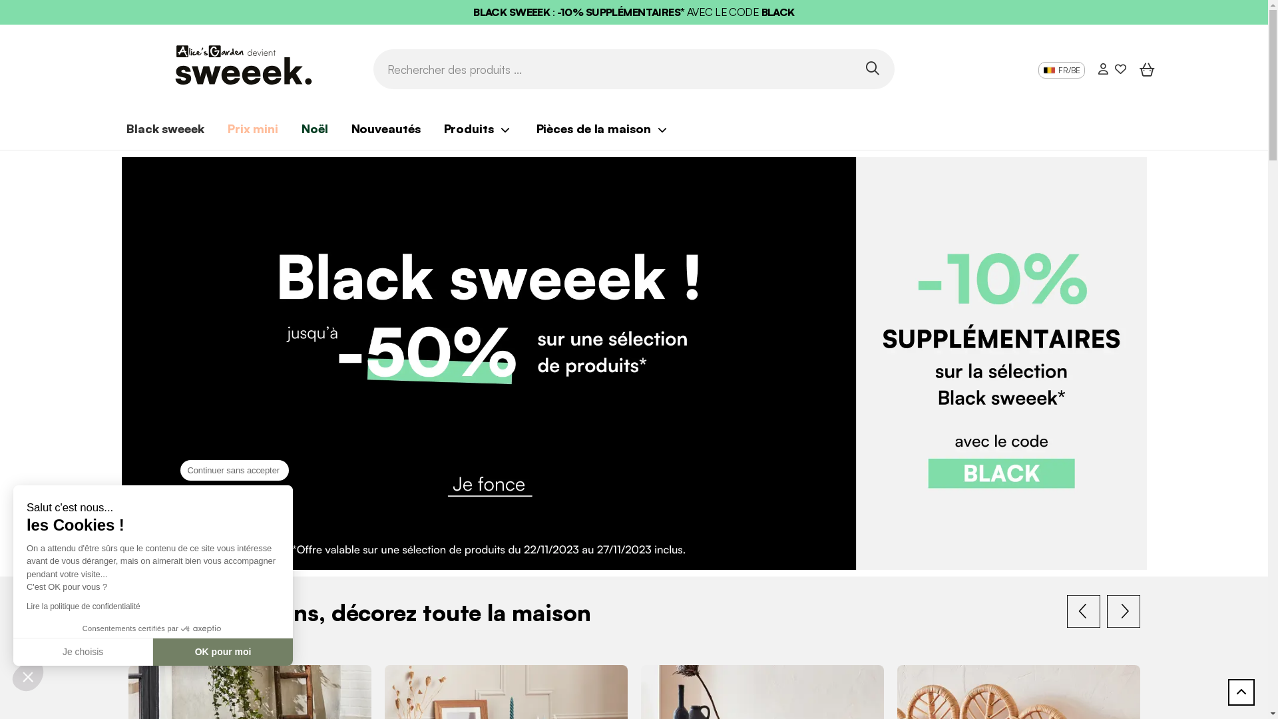 The image size is (1278, 719). Describe the element at coordinates (1083, 611) in the screenshot. I see `'Previous'` at that location.